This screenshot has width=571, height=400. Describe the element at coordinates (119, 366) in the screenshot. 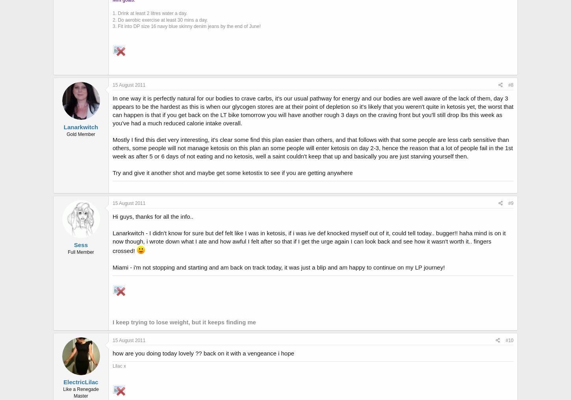

I see `'Lilac x'` at that location.